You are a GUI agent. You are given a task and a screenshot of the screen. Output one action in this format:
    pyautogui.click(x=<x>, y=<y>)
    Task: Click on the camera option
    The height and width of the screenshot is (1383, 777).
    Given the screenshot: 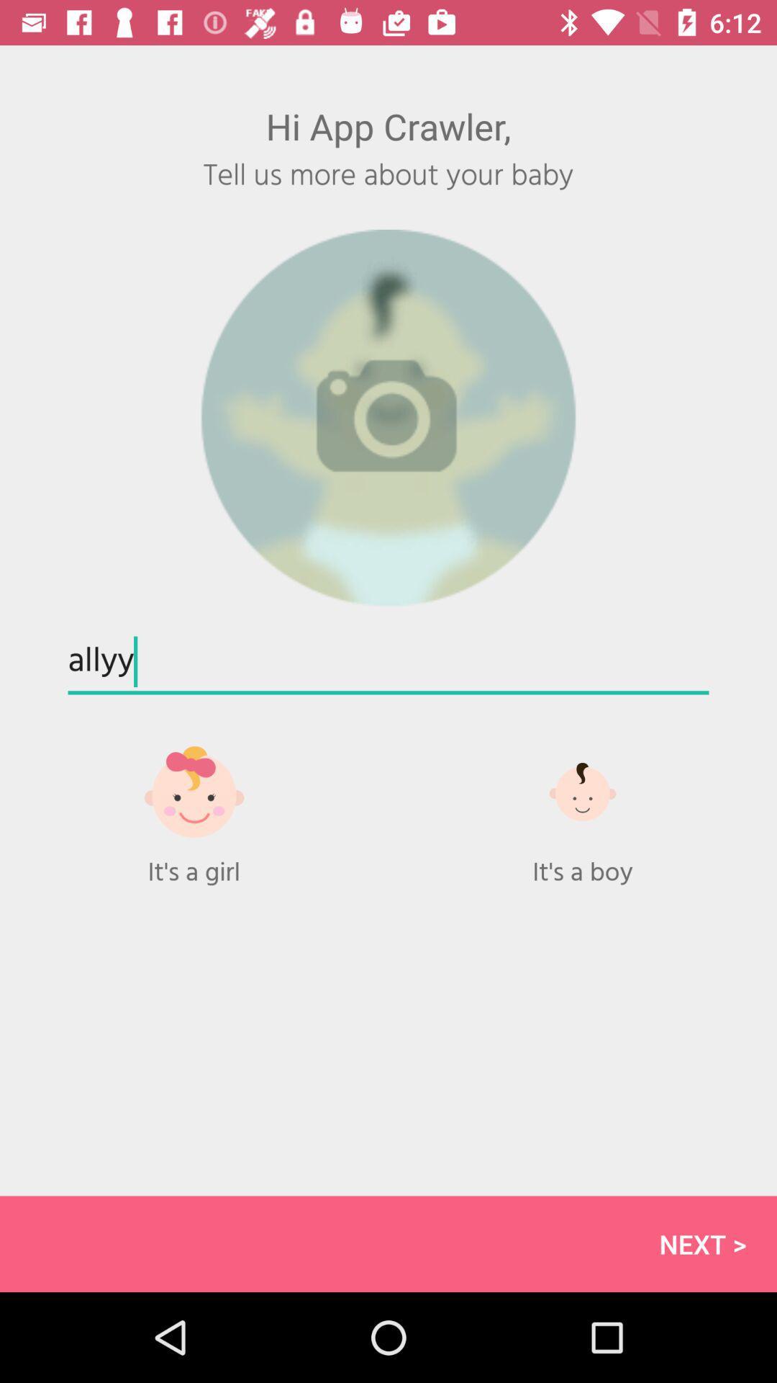 What is the action you would take?
    pyautogui.click(x=388, y=418)
    